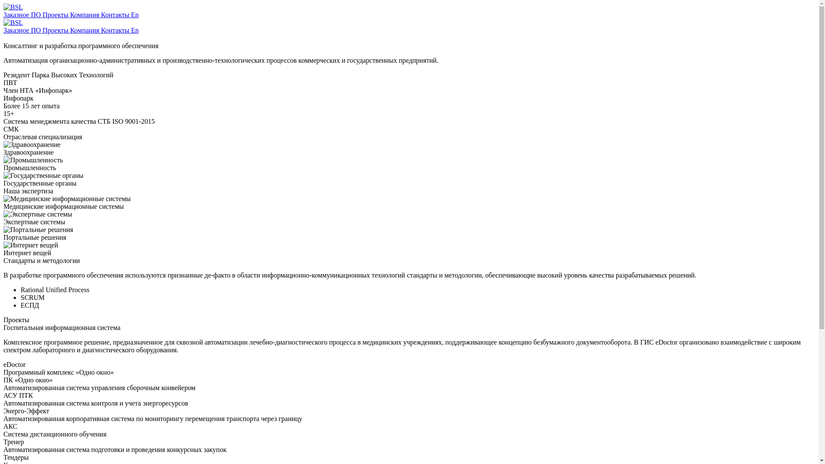 This screenshot has width=825, height=464. I want to click on 'En', so click(134, 15).